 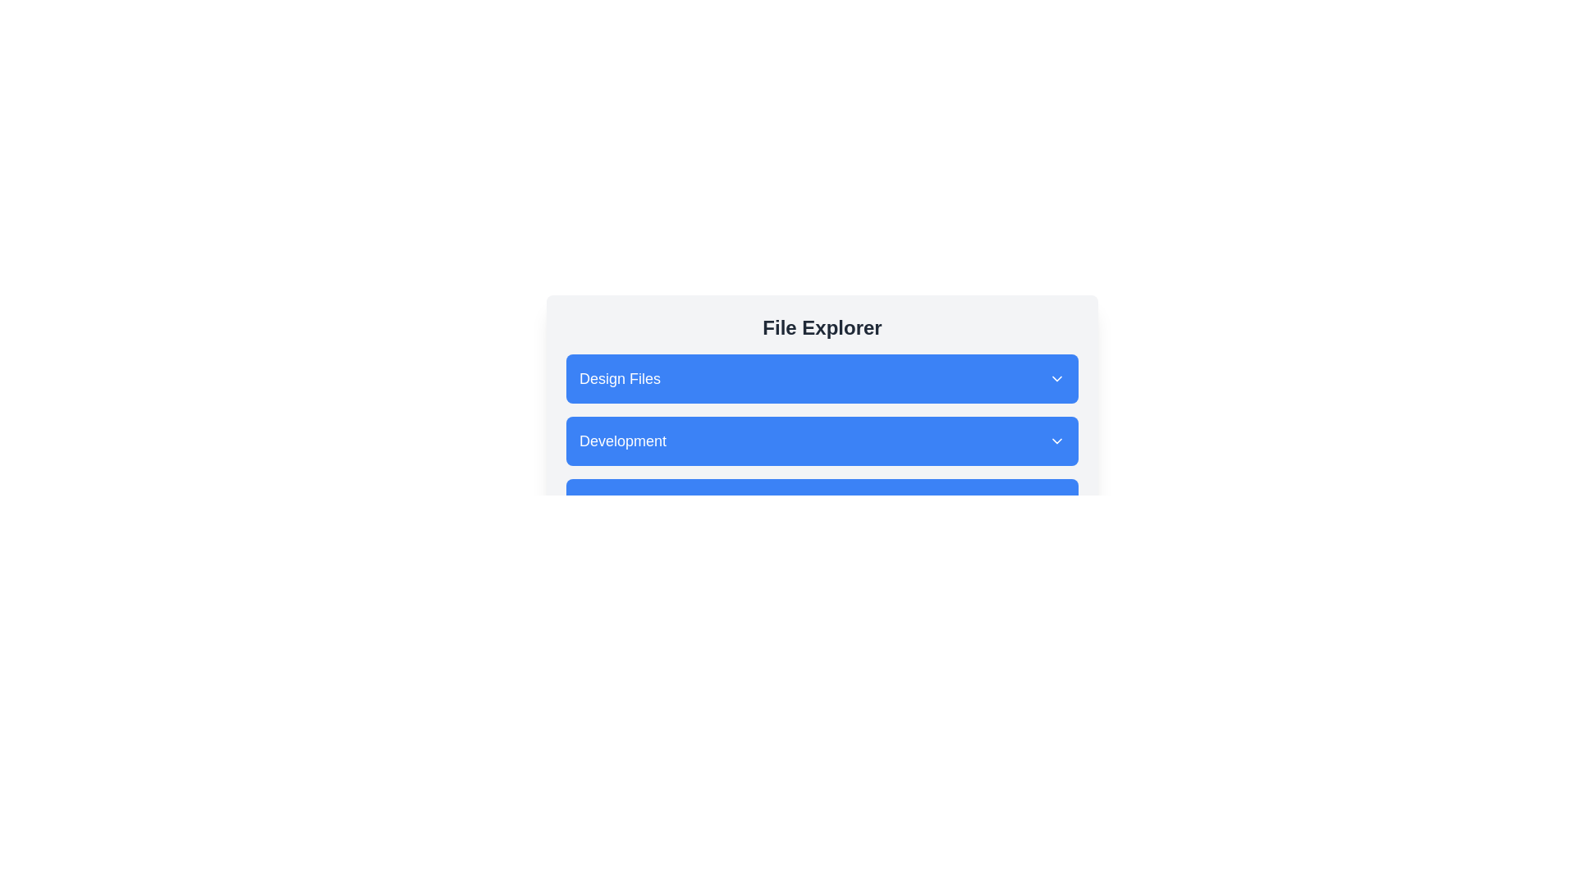 I want to click on the file named Wireframes.pdf within the folder Design Files, so click(x=822, y=379).